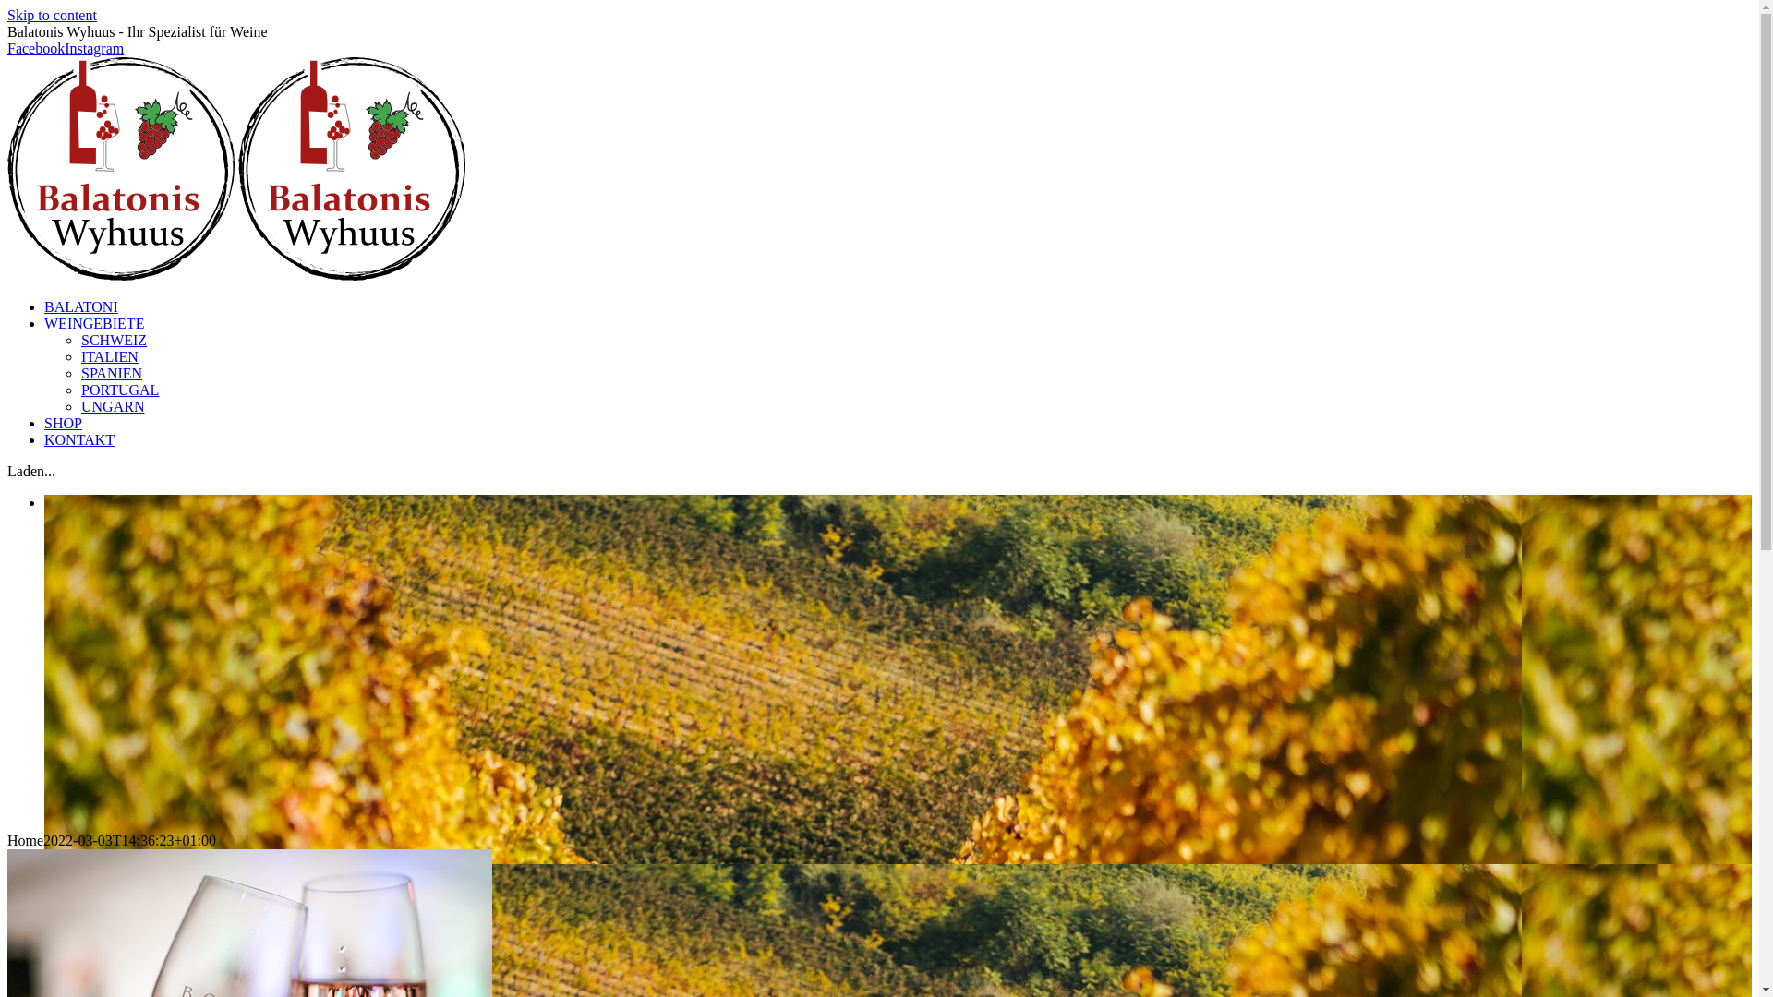 The height and width of the screenshot is (997, 1773). Describe the element at coordinates (35, 47) in the screenshot. I see `'Facebook'` at that location.